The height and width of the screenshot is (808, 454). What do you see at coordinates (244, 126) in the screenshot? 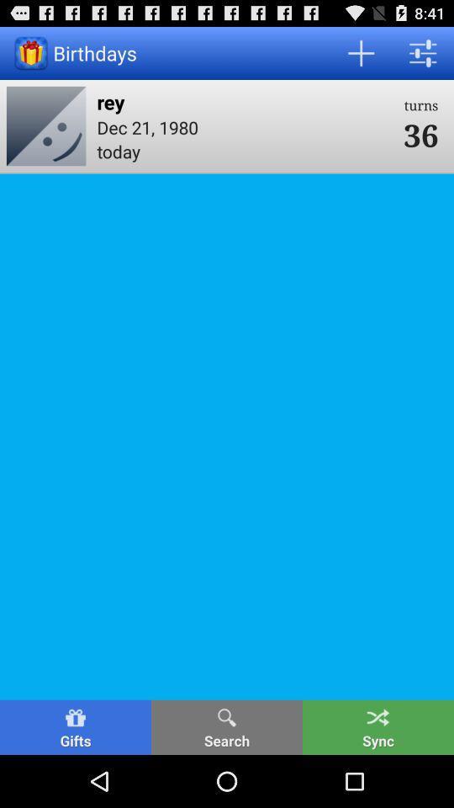
I see `the dec 21, 1980 item` at bounding box center [244, 126].